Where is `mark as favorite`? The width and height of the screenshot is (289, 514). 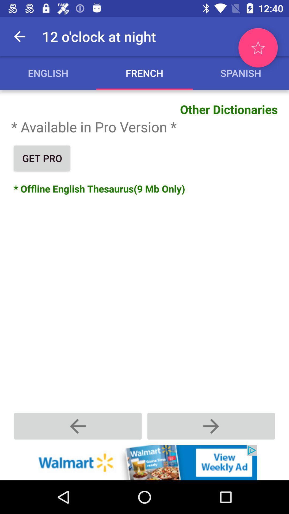 mark as favorite is located at coordinates (258, 48).